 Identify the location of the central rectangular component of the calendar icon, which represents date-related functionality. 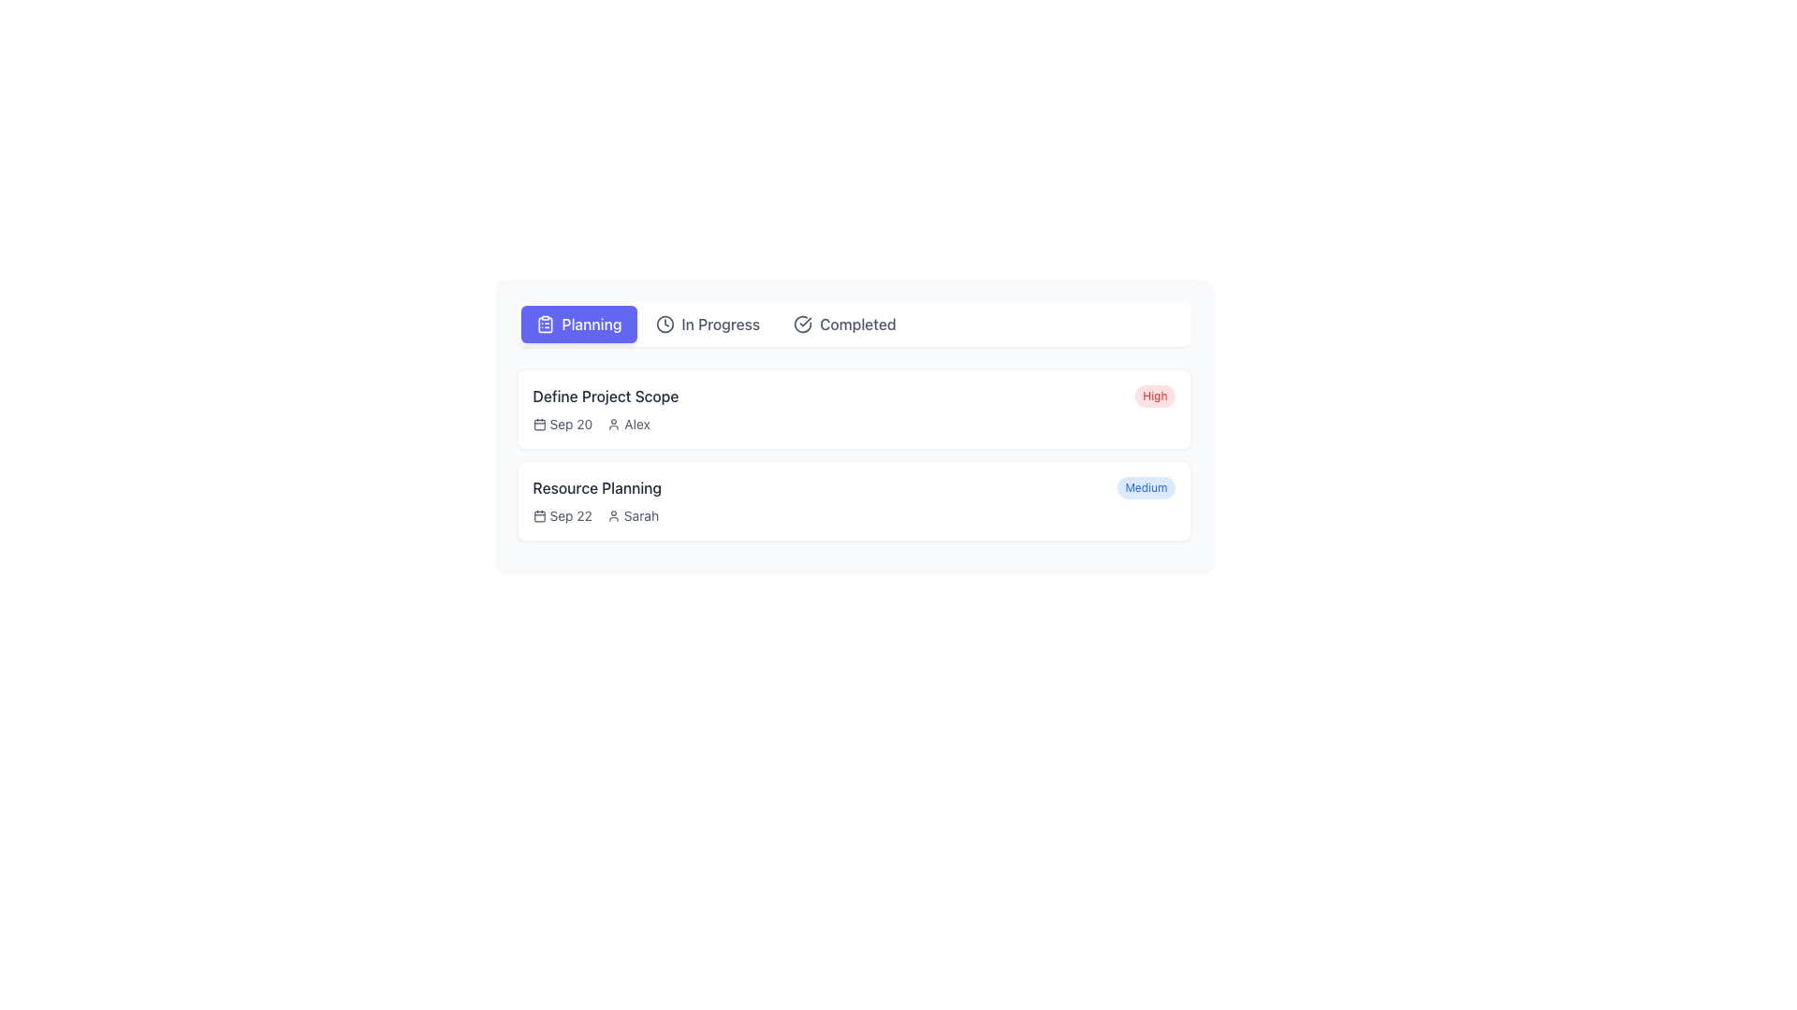
(538, 516).